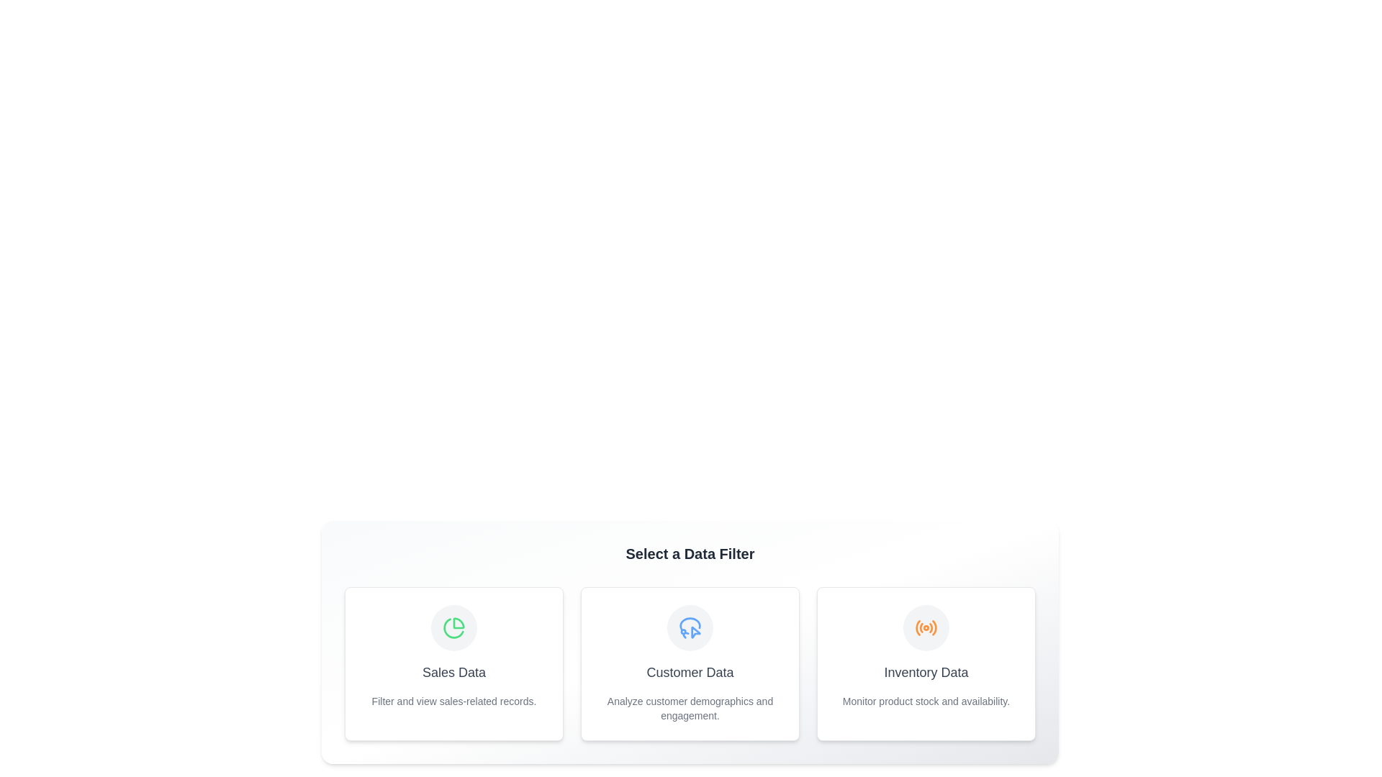  What do you see at coordinates (690, 553) in the screenshot?
I see `the Static Text Header that indicates the purpose of the section below, instructing the user to choose a filter` at bounding box center [690, 553].